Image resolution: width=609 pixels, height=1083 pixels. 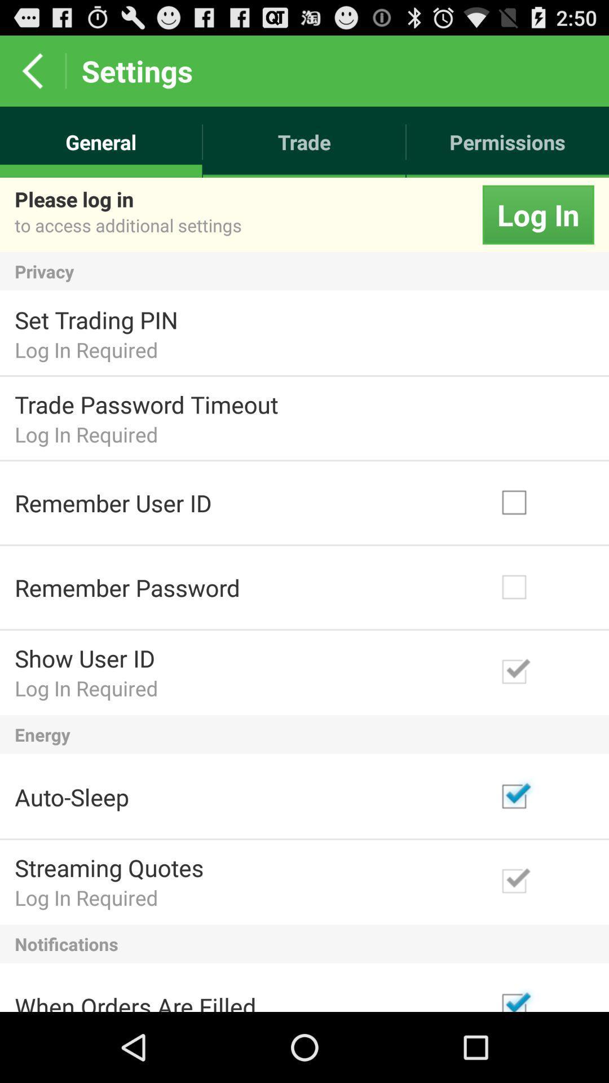 What do you see at coordinates (135, 1001) in the screenshot?
I see `the when orders are app` at bounding box center [135, 1001].